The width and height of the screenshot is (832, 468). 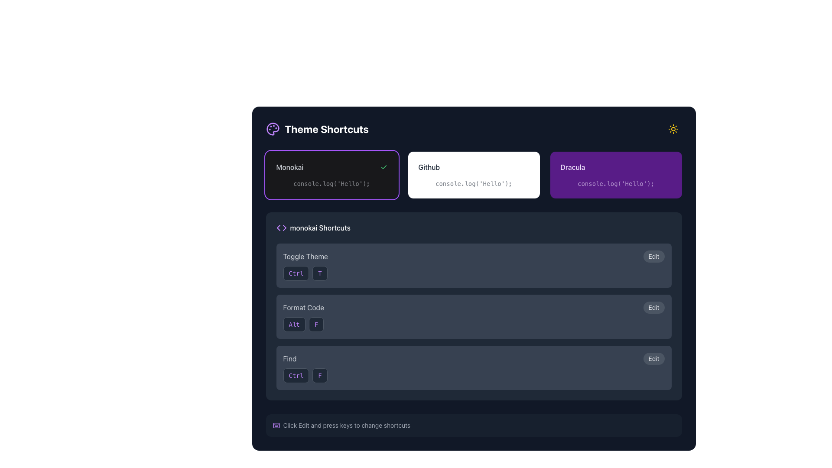 I want to click on the confirmation icon indicating that the 'Monokai' theme option is selected, located, so click(x=383, y=167).